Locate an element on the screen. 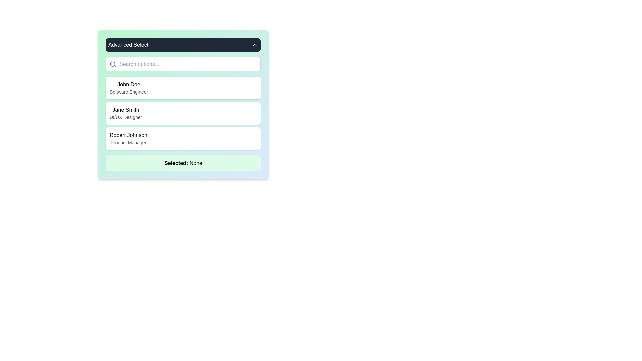 The image size is (642, 361). the upward-pointing chevron icon located on the rightmost side of the 'Advanced Select' bar is located at coordinates (254, 45).